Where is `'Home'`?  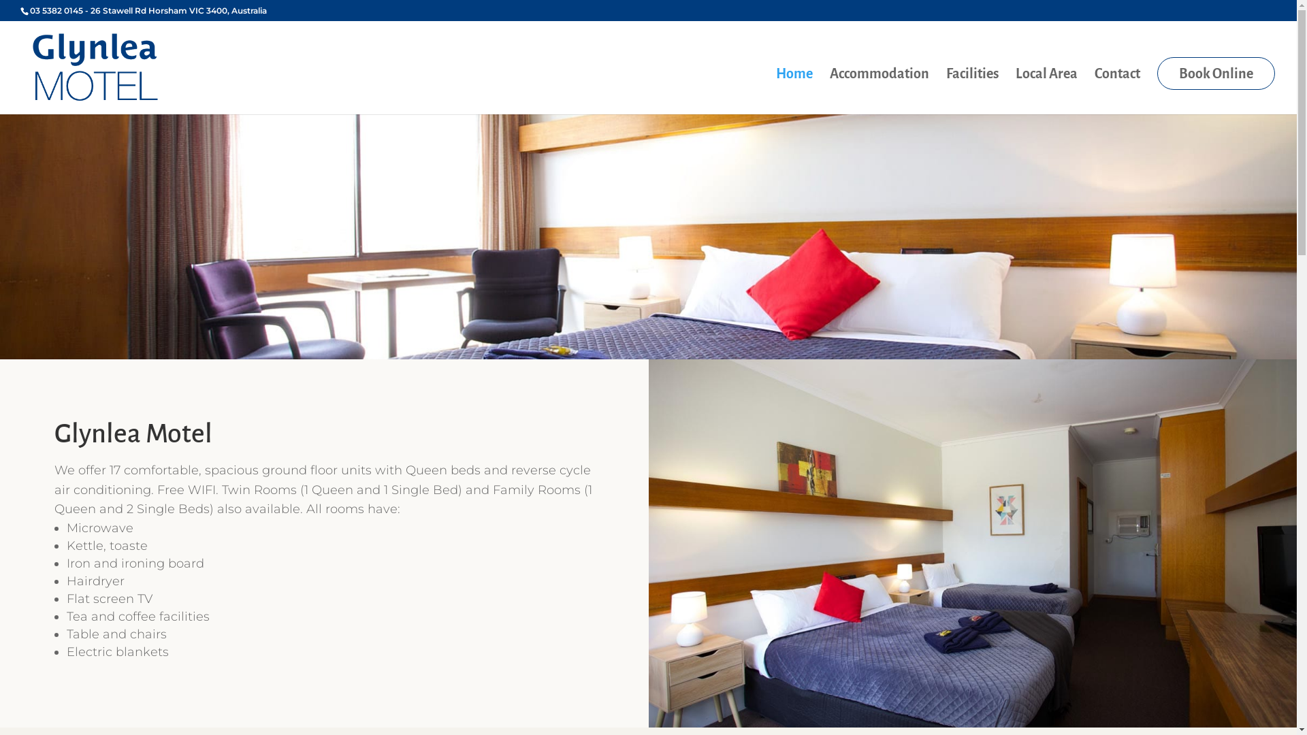 'Home' is located at coordinates (794, 91).